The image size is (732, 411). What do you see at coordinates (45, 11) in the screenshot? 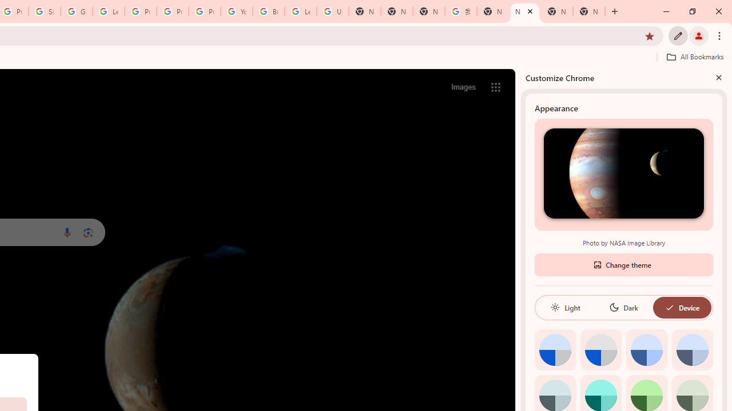
I see `'Sign in - Google Accounts'` at bounding box center [45, 11].